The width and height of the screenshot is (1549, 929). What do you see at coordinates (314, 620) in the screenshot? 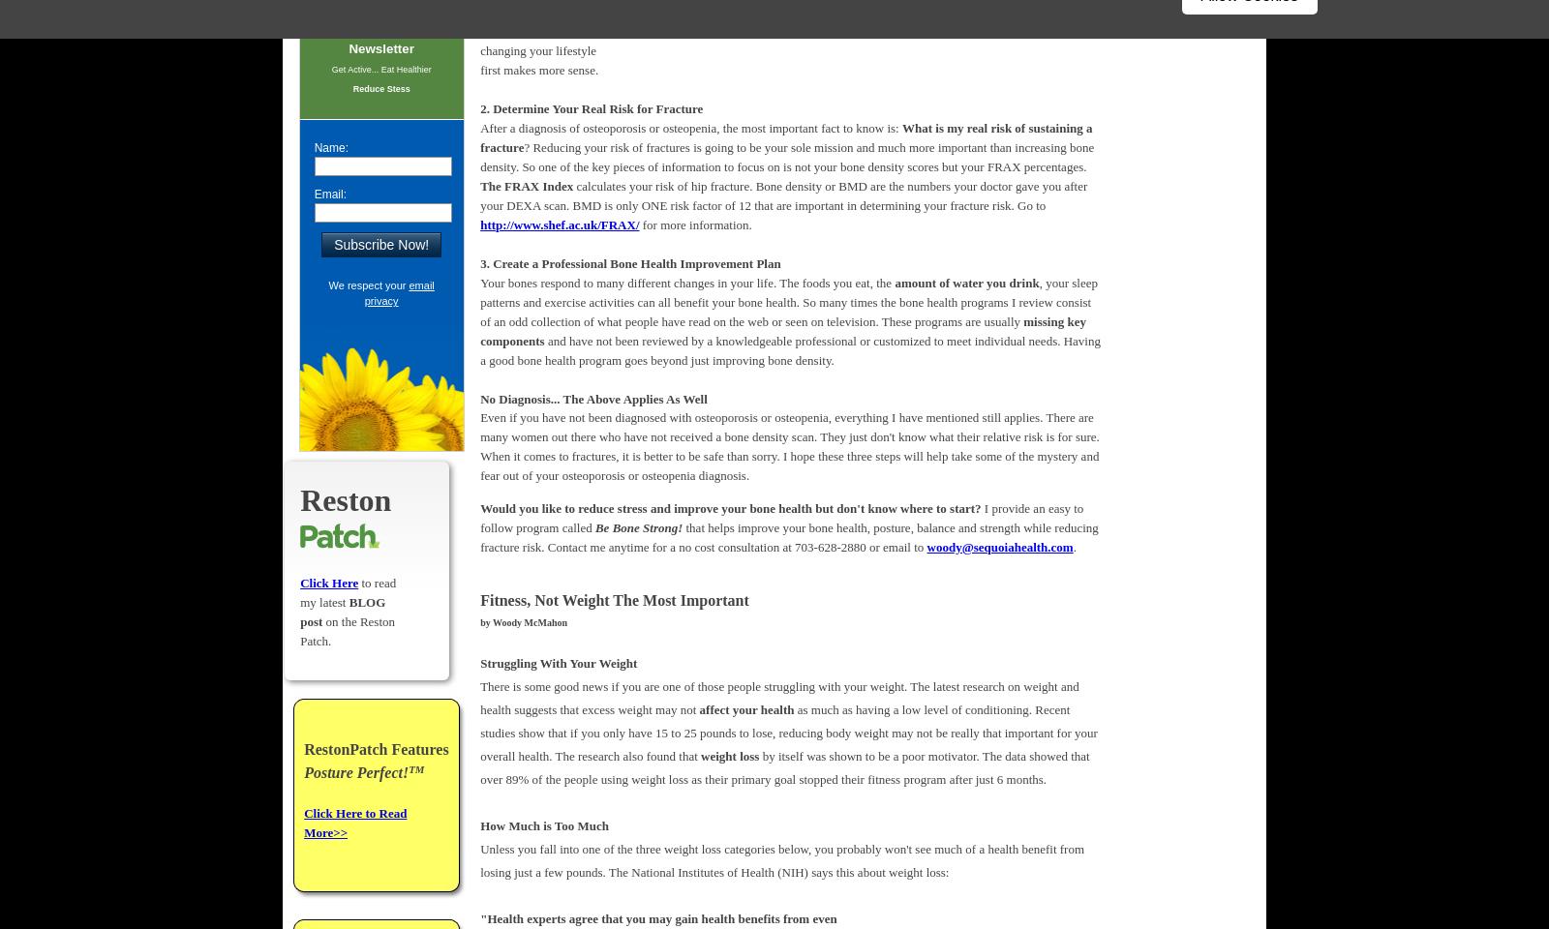
I see `'ost'` at bounding box center [314, 620].